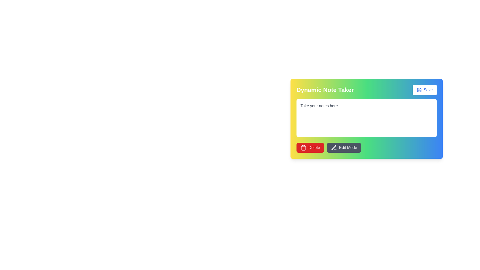 Image resolution: width=480 pixels, height=270 pixels. Describe the element at coordinates (366, 147) in the screenshot. I see `the visual separator or spacer with a gradient background transitioning from green to blue, located to the right of the 'Edit Mode' button` at that location.